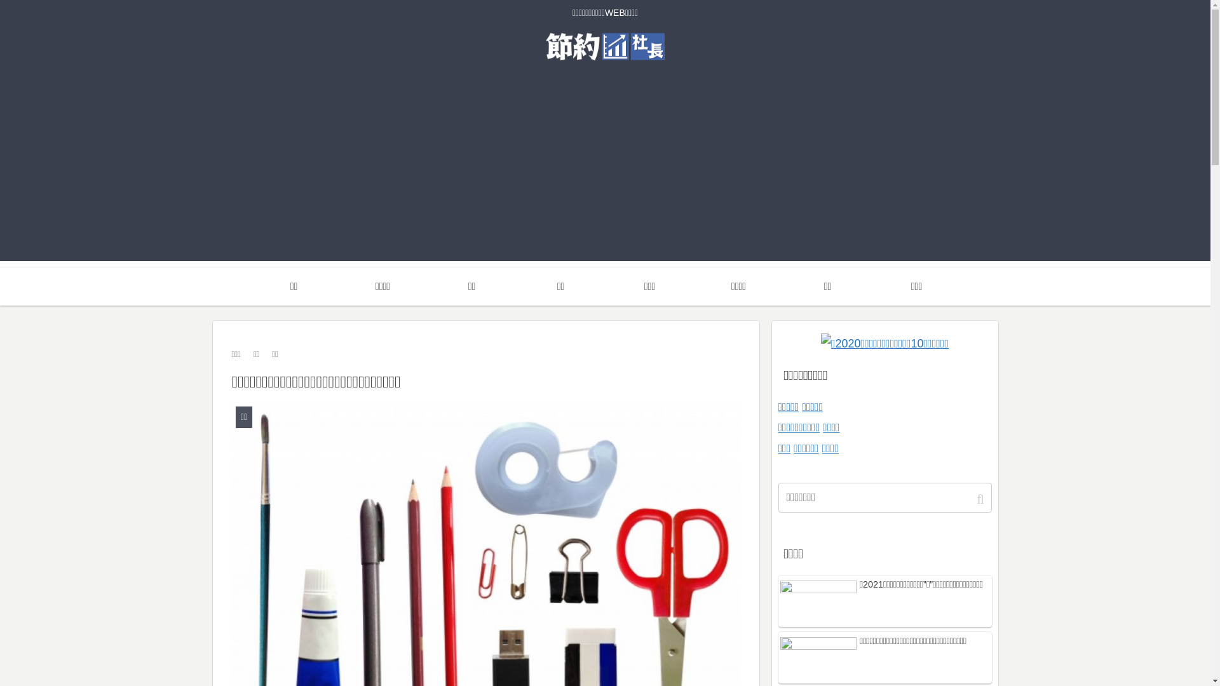 The height and width of the screenshot is (686, 1220). What do you see at coordinates (604, 171) in the screenshot?
I see `'Advertisement'` at bounding box center [604, 171].